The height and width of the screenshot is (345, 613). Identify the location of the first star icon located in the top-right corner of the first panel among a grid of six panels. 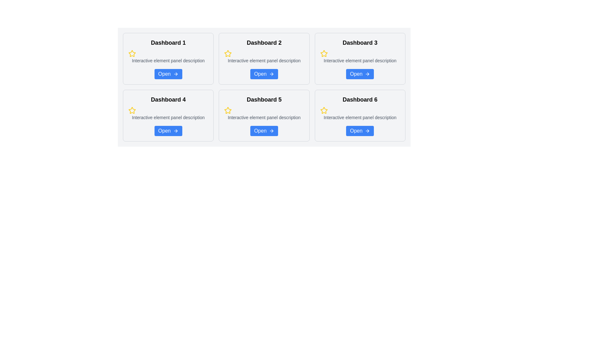
(132, 53).